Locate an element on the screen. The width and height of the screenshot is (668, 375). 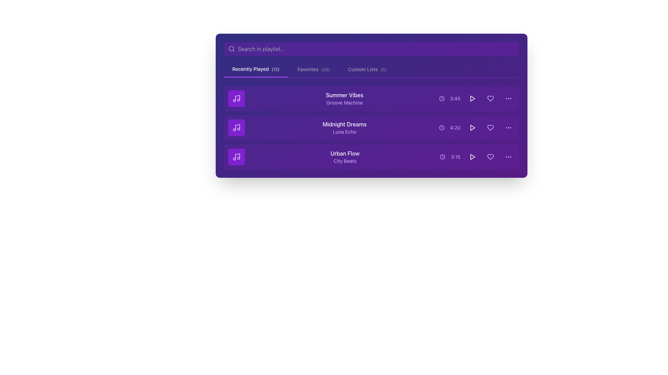
the displayed text of the song title and subtitle in the third row of the playlist, located in a purple panel between a musical note icon and a duration indicator is located at coordinates (345, 157).